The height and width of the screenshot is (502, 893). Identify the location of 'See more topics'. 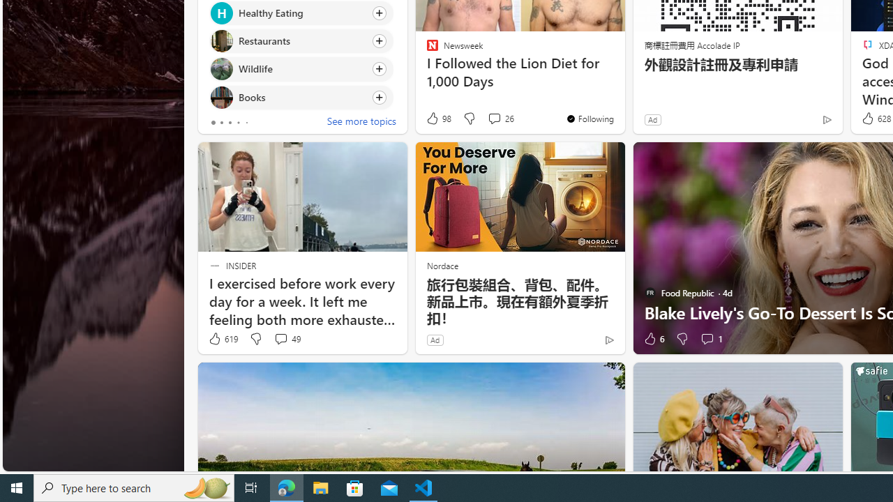
(361, 122).